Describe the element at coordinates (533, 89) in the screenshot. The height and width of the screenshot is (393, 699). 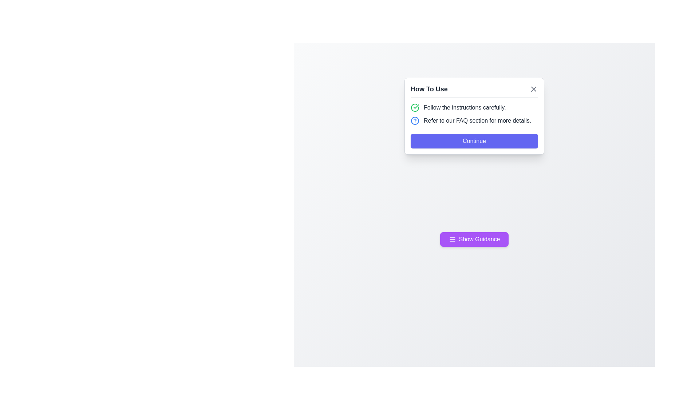
I see `the 'X' icon in the top-right corner of the 'How To Use' box` at that location.